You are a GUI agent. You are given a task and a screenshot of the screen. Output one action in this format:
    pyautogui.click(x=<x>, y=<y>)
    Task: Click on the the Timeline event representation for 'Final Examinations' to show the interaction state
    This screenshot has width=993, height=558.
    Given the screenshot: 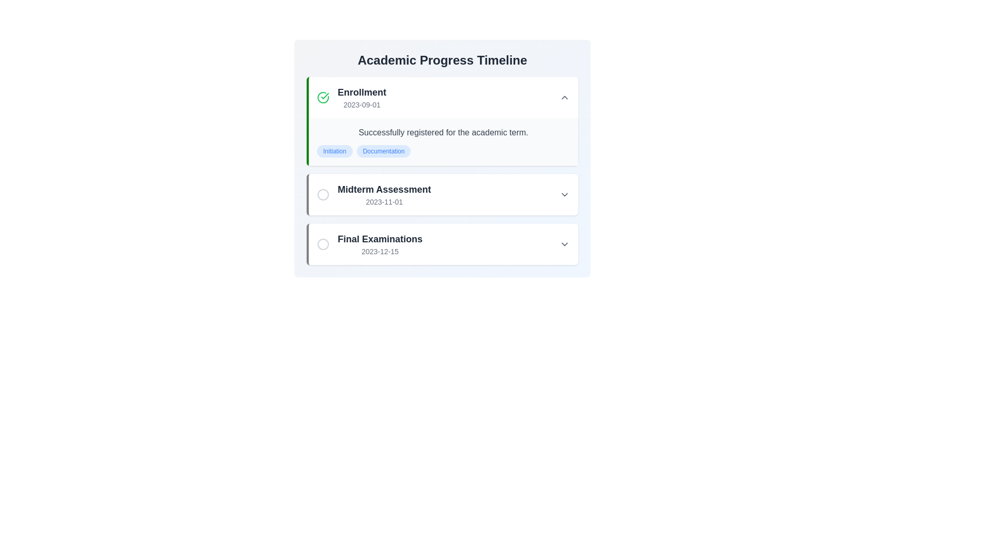 What is the action you would take?
    pyautogui.click(x=443, y=244)
    